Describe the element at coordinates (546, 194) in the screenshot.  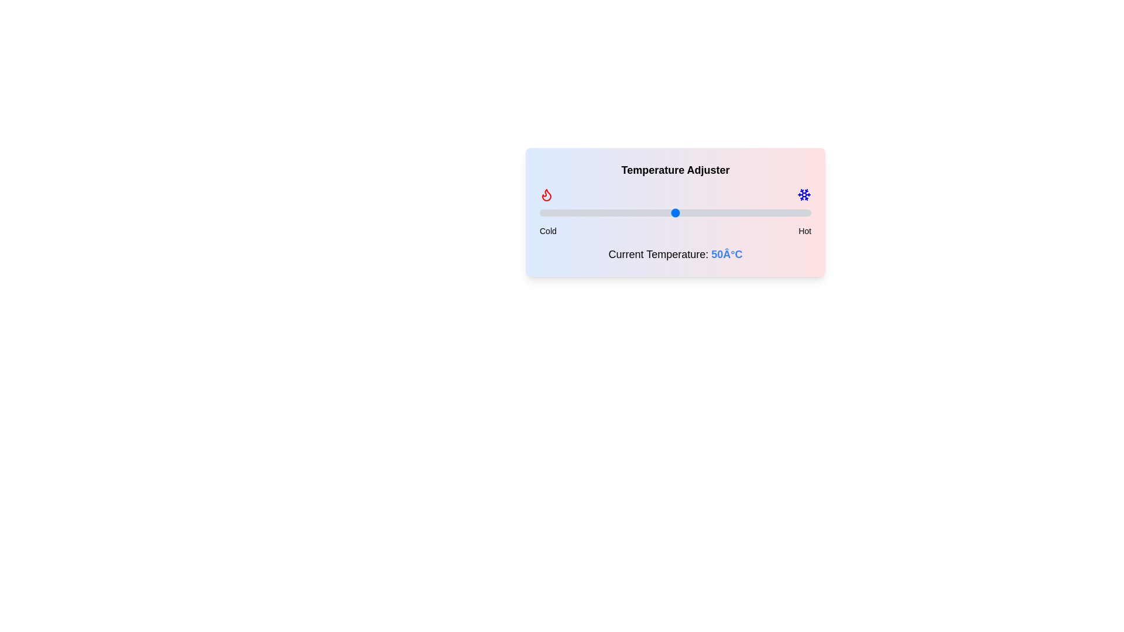
I see `the flame icon to observe changes` at that location.